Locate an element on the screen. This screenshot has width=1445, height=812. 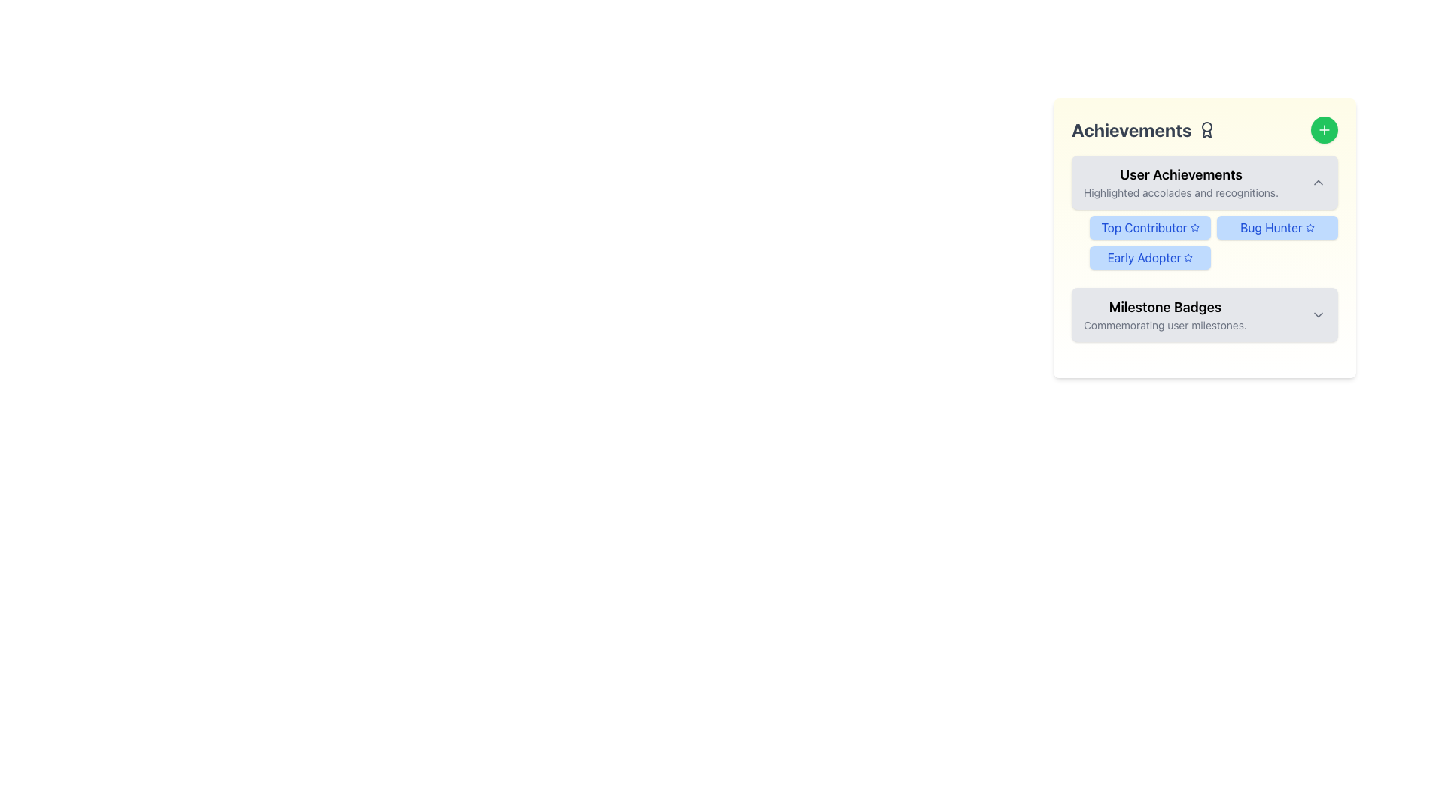
the blue five-point star icon located in the 'User Achievements' section of the 'Achievements' card, positioned to the right of the 'Bug Hunter' label is located at coordinates (1194, 227).